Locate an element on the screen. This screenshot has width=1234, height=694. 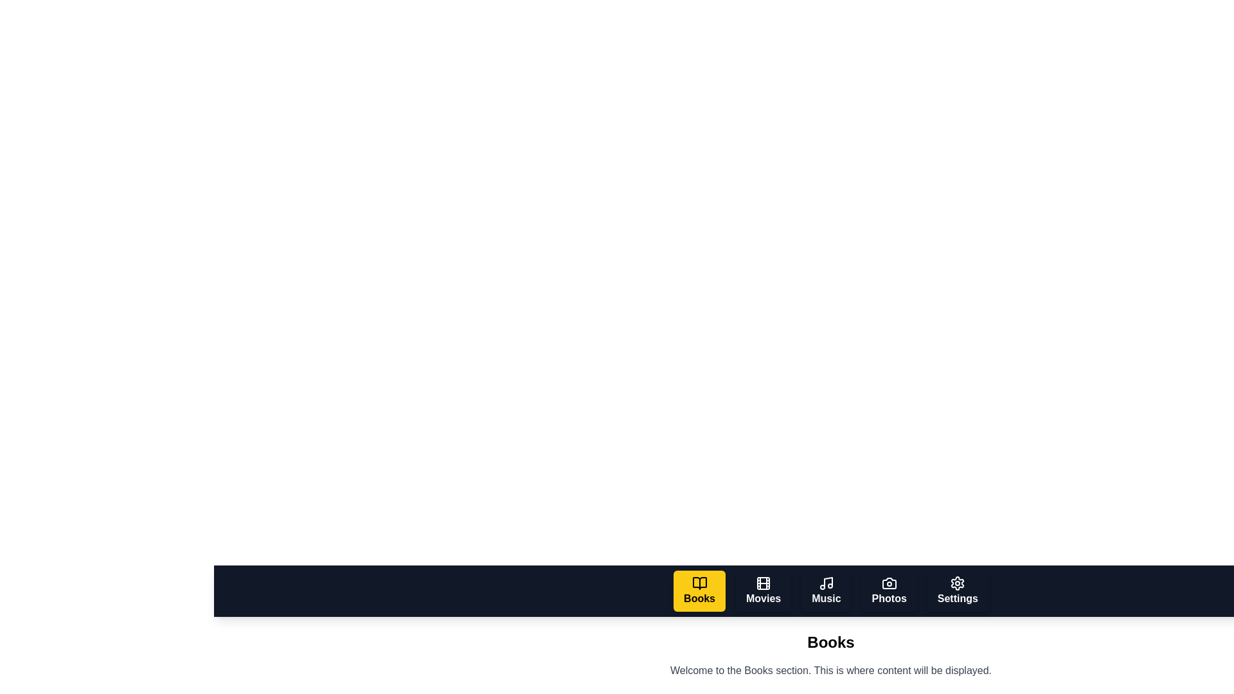
the Movies tab by clicking on its button is located at coordinates (764, 591).